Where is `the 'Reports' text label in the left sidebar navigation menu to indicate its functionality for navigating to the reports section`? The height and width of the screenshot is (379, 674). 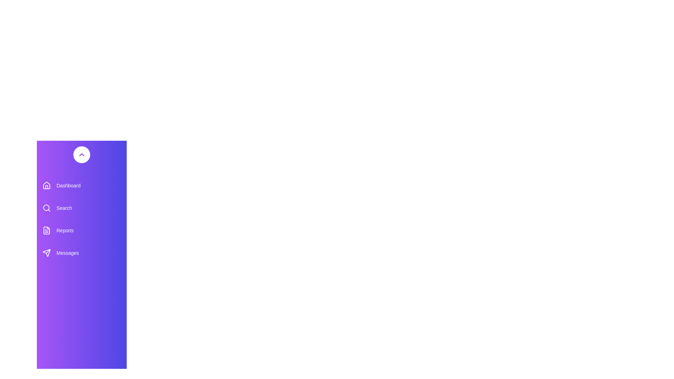 the 'Reports' text label in the left sidebar navigation menu to indicate its functionality for navigating to the reports section is located at coordinates (65, 230).